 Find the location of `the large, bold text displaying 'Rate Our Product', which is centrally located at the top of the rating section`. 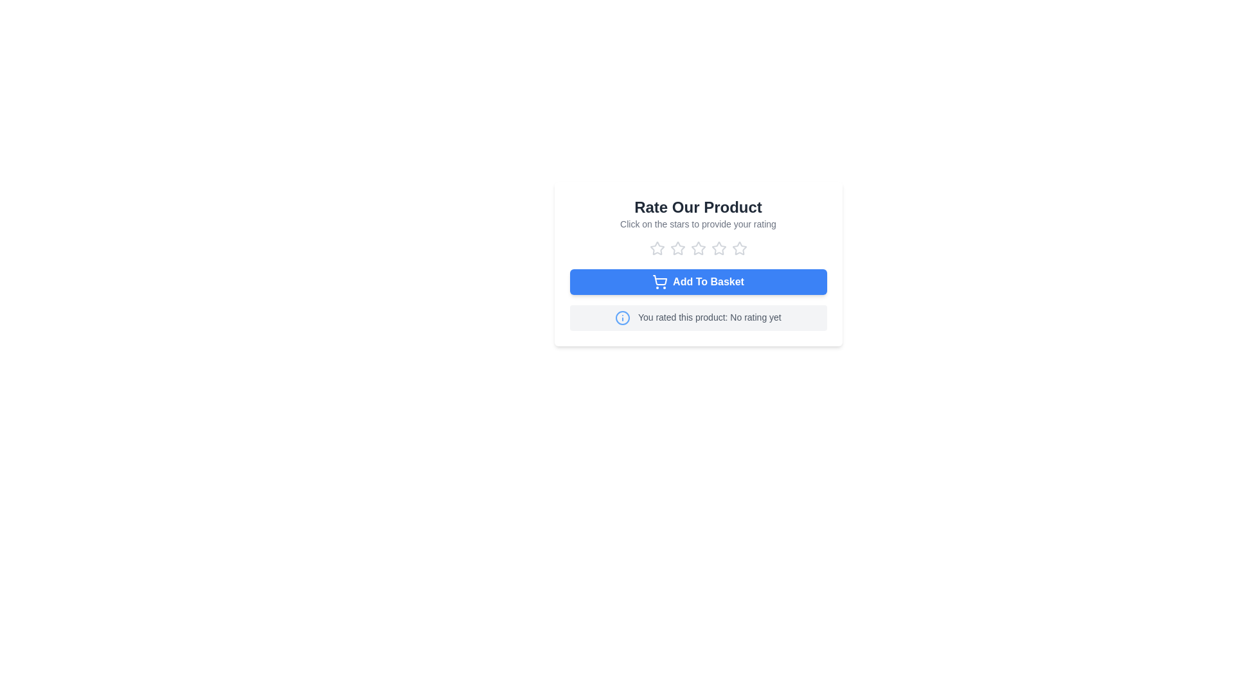

the large, bold text displaying 'Rate Our Product', which is centrally located at the top of the rating section is located at coordinates (697, 207).